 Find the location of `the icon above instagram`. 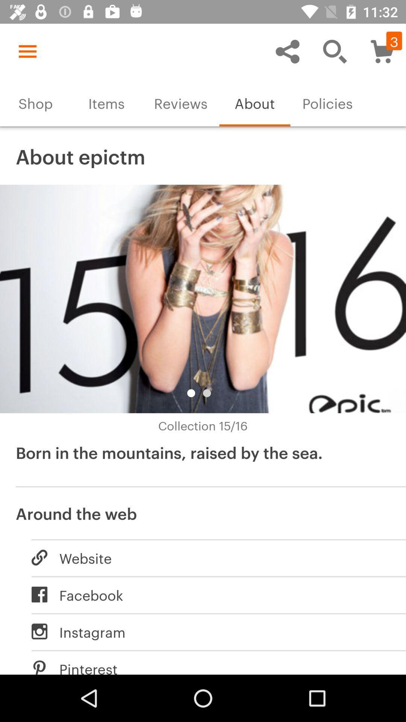

the icon above instagram is located at coordinates (211, 594).